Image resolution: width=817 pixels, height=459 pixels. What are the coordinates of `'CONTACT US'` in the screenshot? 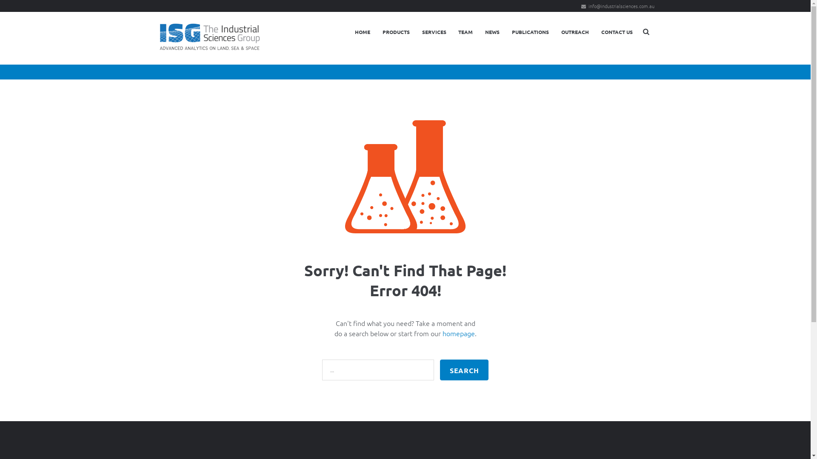 It's located at (617, 31).